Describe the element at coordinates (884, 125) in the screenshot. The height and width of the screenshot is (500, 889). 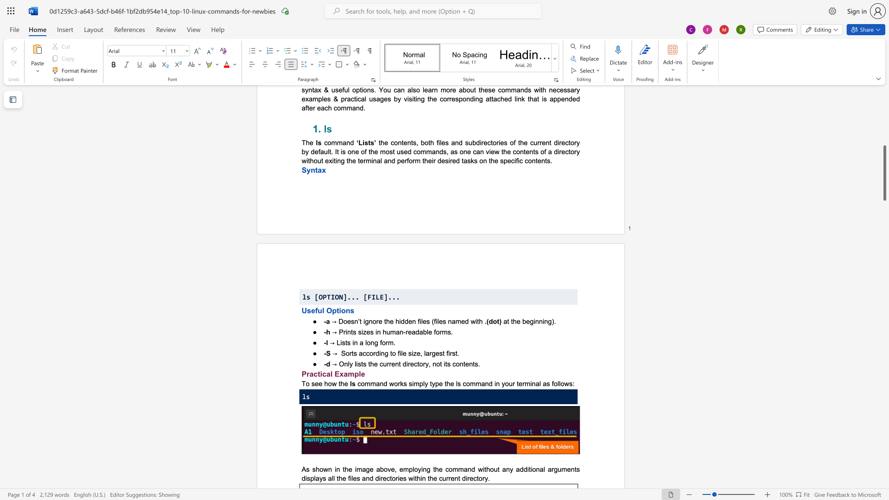
I see `the scrollbar to slide the page up` at that location.